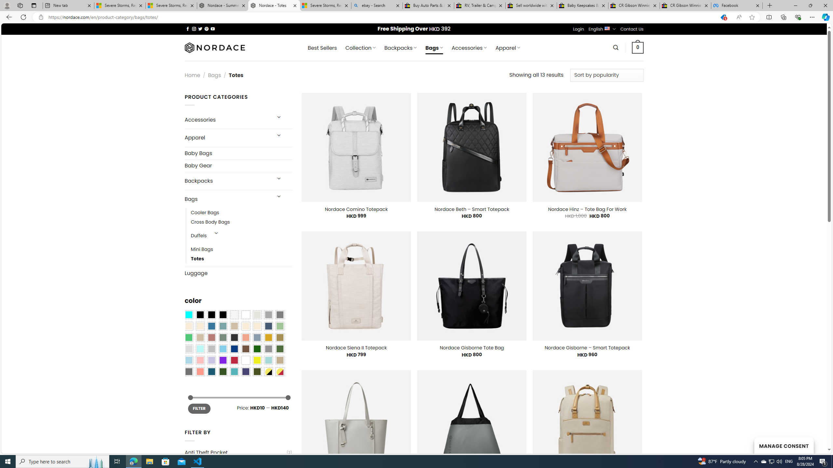  I want to click on 'RV, Trailer & Camper Steps & Ladders for sale | eBay', so click(479, 5).